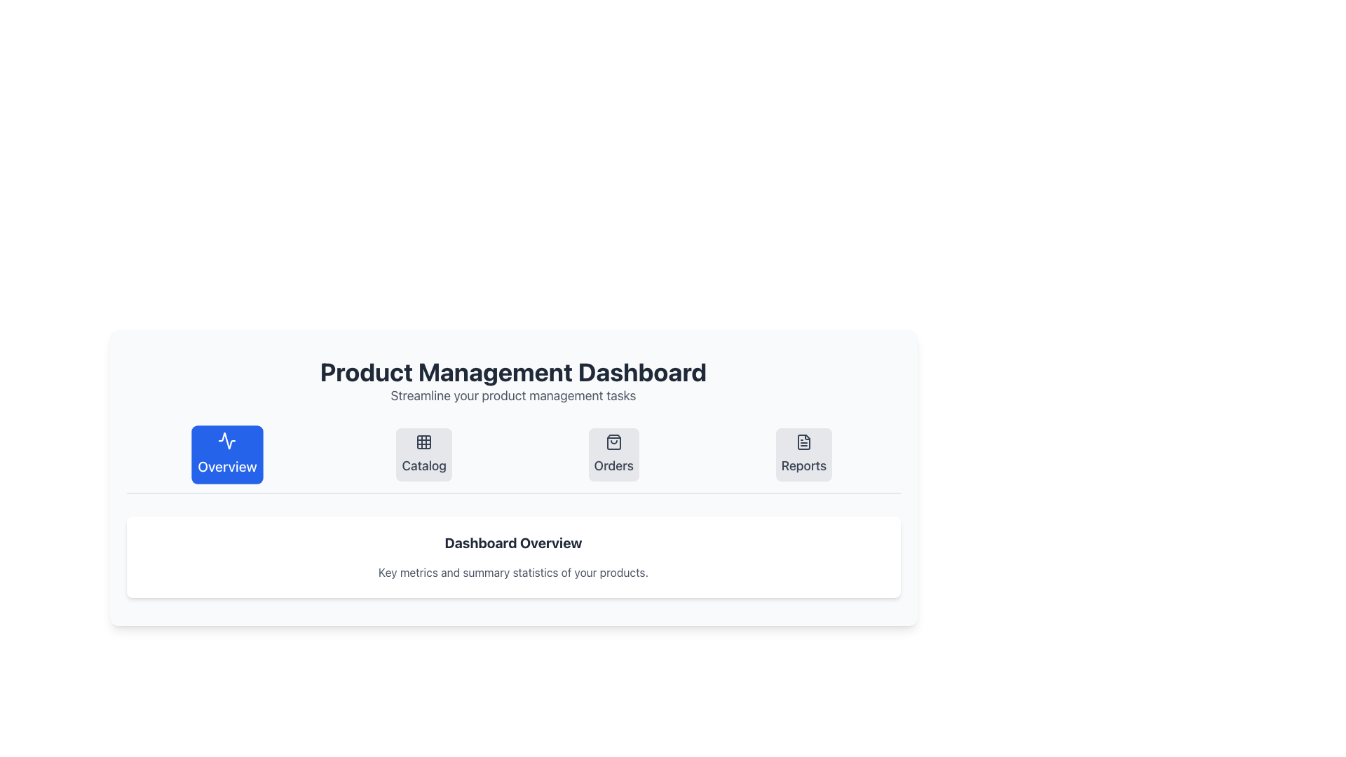 Image resolution: width=1346 pixels, height=757 pixels. What do you see at coordinates (613, 454) in the screenshot?
I see `the 'Orders' button located centrally in the navigation row, which is the third button after 'Overview' and 'Catalog' and before 'Reports'` at bounding box center [613, 454].